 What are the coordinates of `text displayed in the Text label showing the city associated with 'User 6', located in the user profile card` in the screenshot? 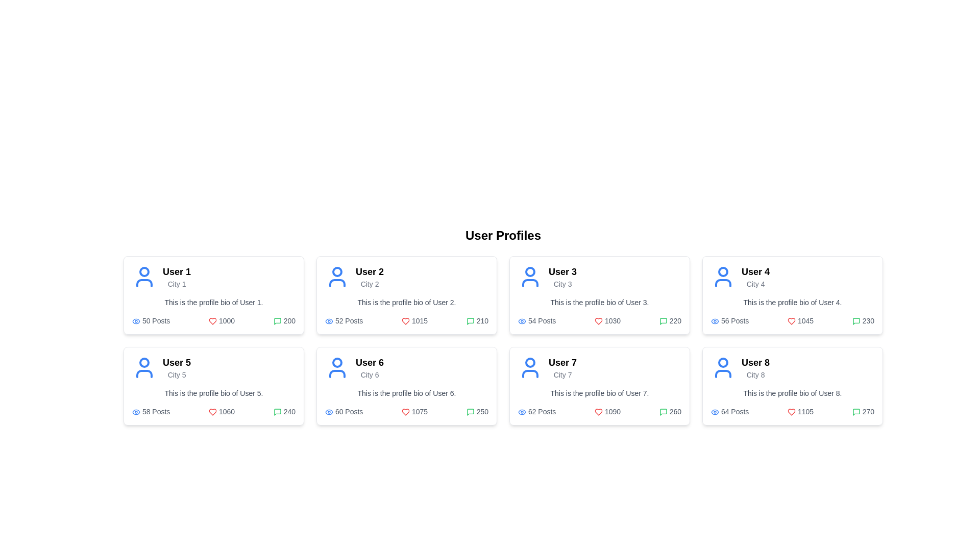 It's located at (369, 375).